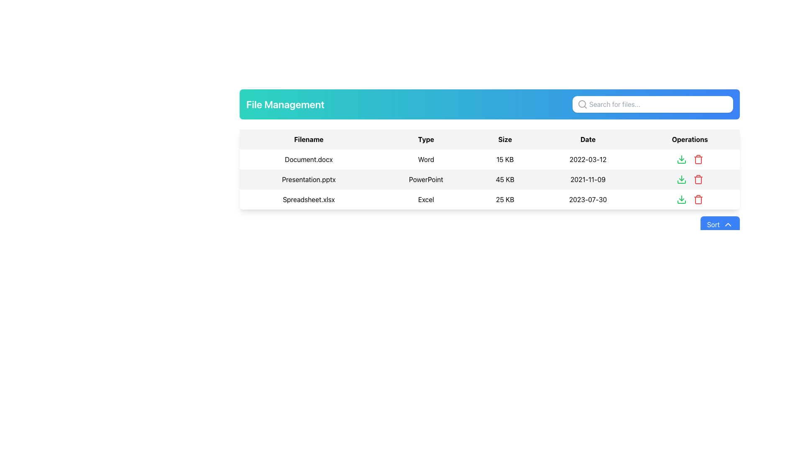  Describe the element at coordinates (681, 179) in the screenshot. I see `the download icon button located in the second row of the 'Operations' column to initiate the download process for the associated file` at that location.